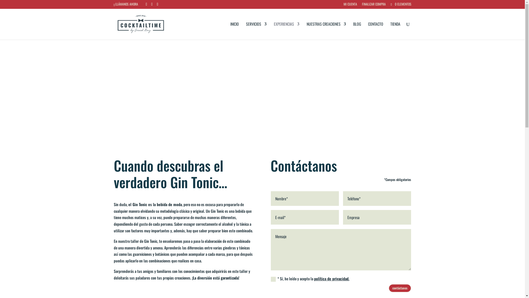  Describe the element at coordinates (287, 31) in the screenshot. I see `'EXPERIENCIAS'` at that location.